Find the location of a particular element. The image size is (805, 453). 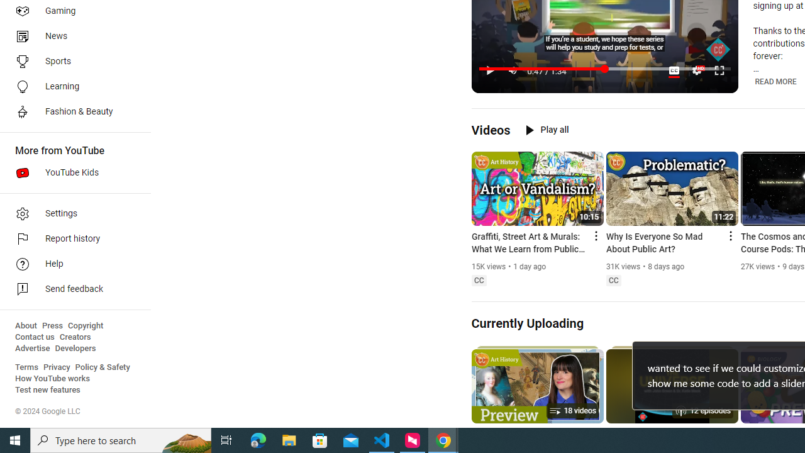

'Sports' is located at coordinates (70, 61).